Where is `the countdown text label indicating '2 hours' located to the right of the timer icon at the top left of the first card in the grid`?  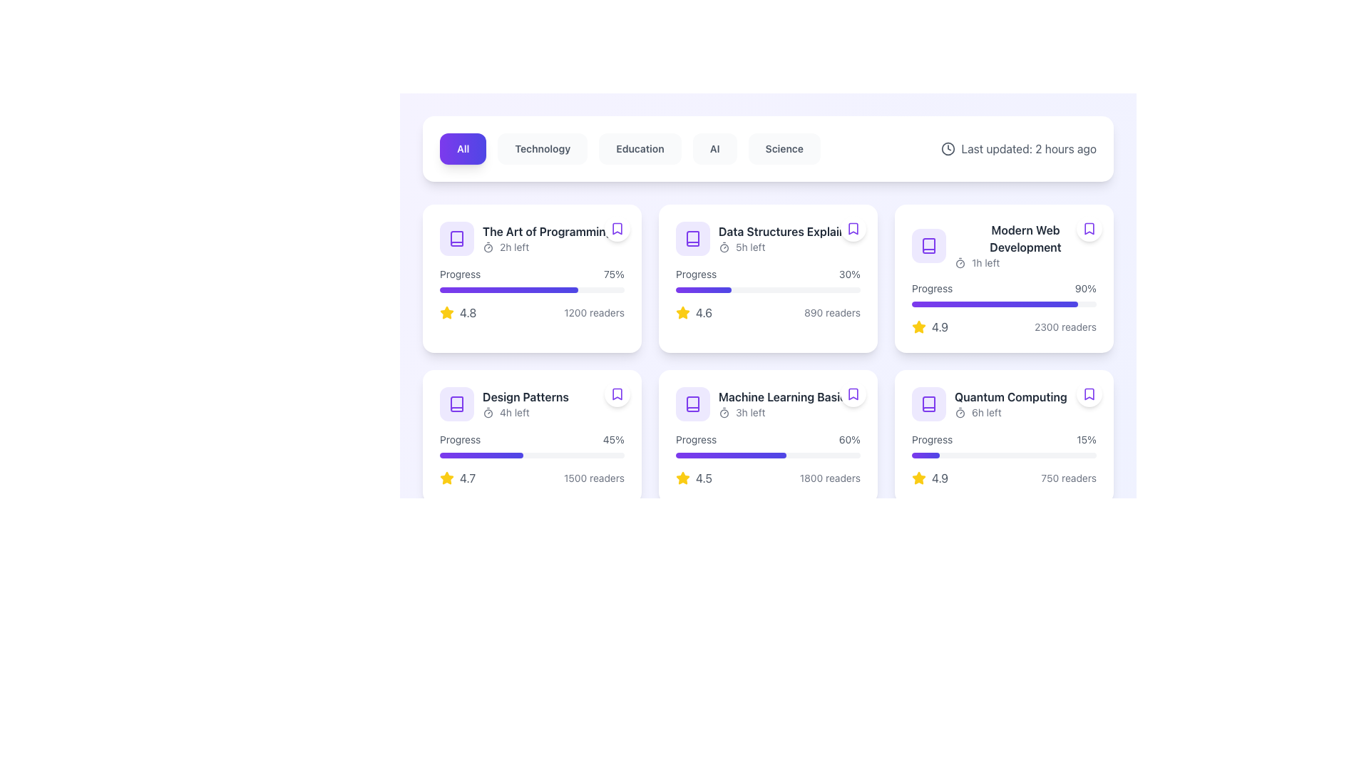 the countdown text label indicating '2 hours' located to the right of the timer icon at the top left of the first card in the grid is located at coordinates (513, 247).